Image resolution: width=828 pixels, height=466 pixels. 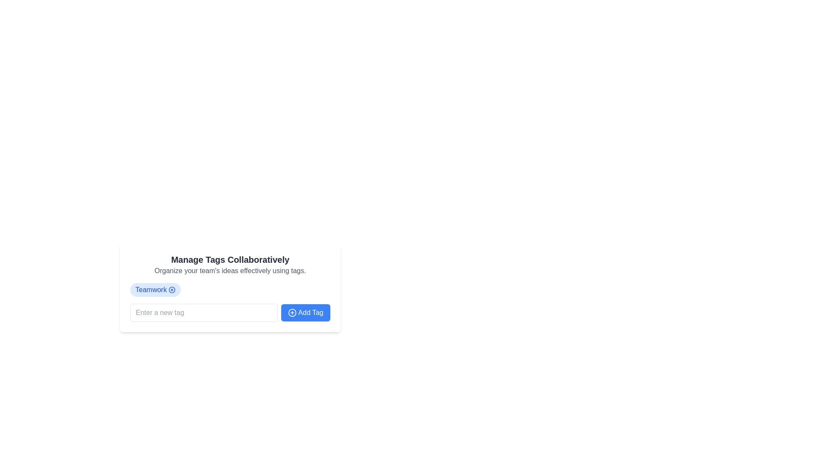 I want to click on the 'Teamwork' text label, which is styled with a bold blue font and located inside a light blue rounded rectangular area, to focus on it, so click(x=151, y=290).